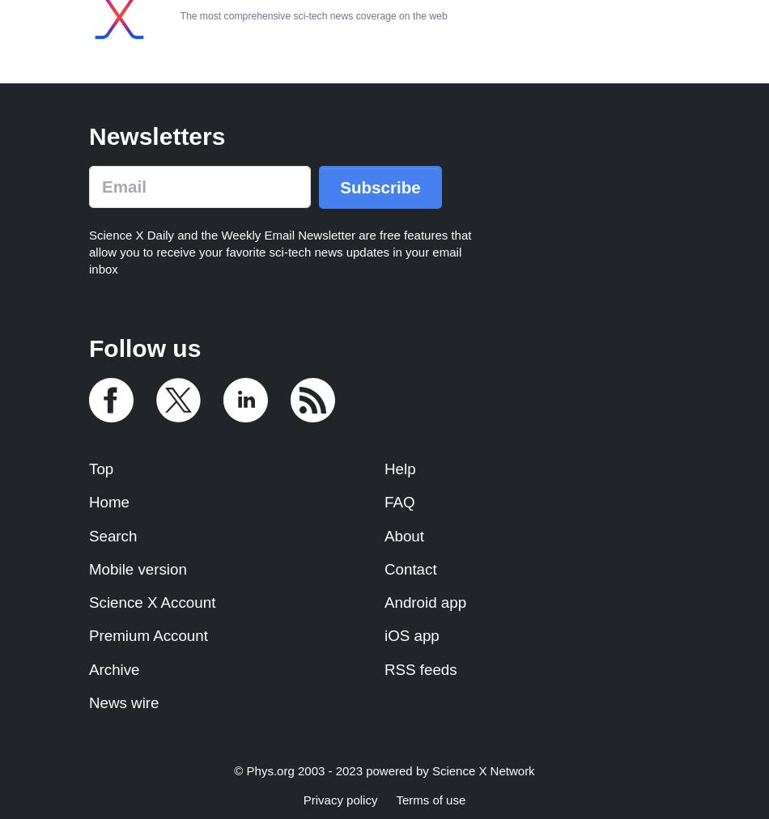 The width and height of the screenshot is (769, 819). I want to click on 'iOS app', so click(411, 634).